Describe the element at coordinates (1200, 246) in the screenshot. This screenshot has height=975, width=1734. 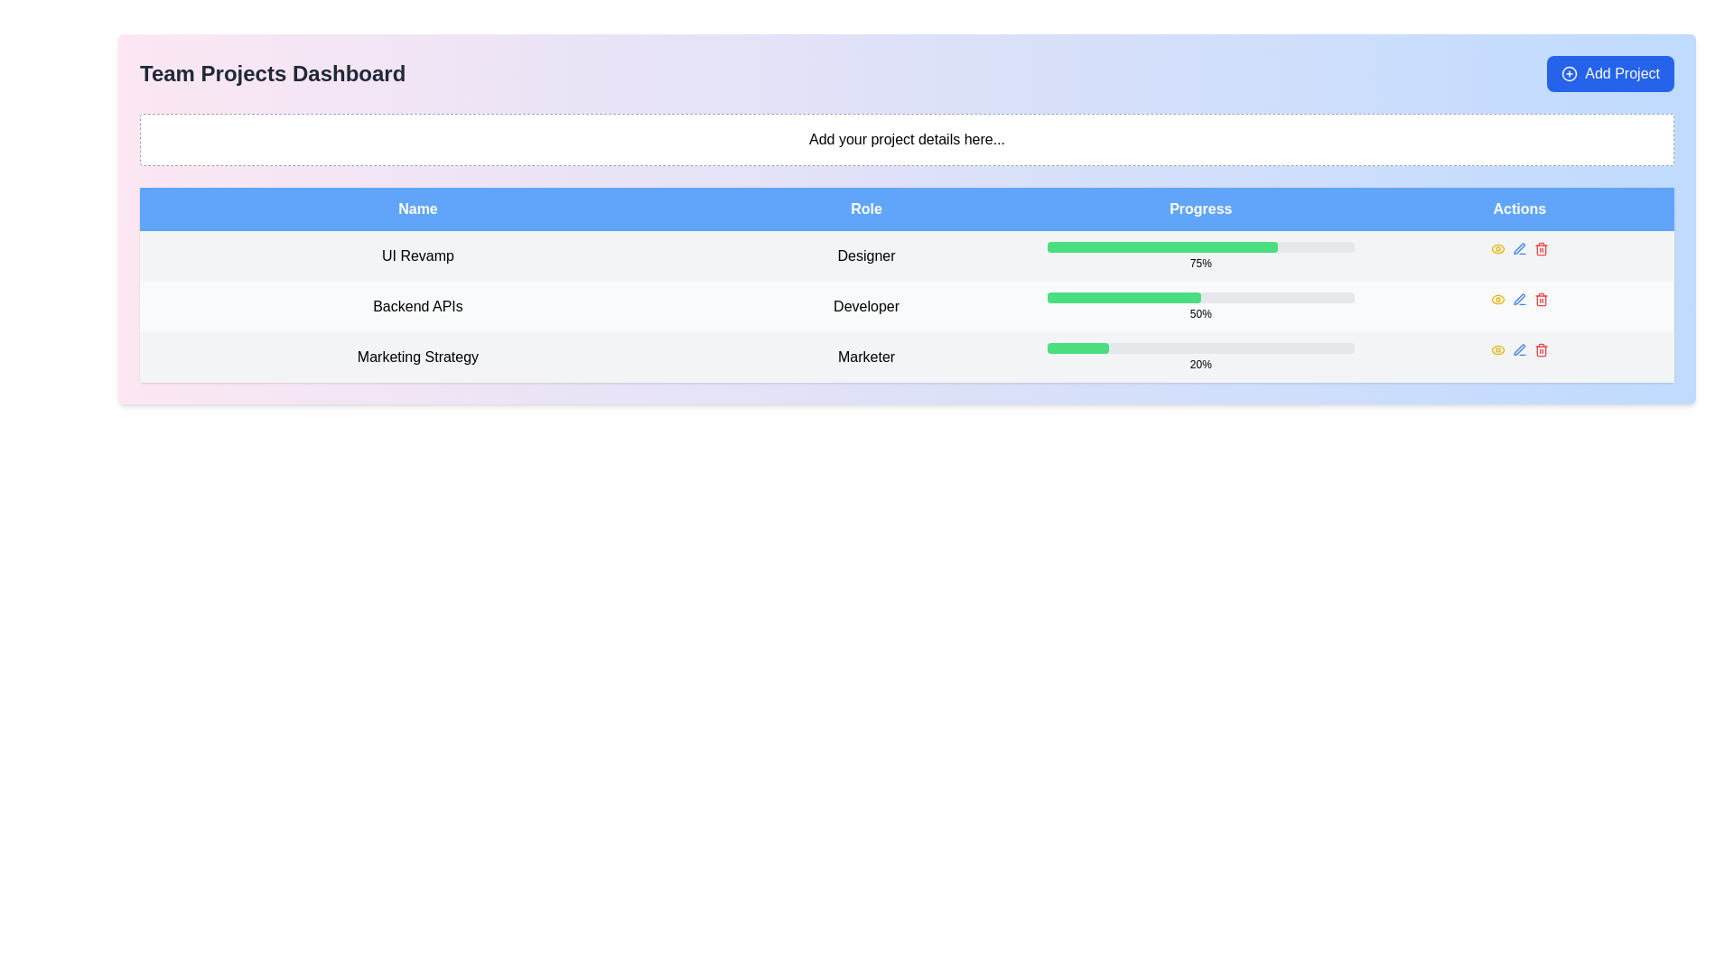
I see `the progress indicated by the progress bar in the 'Progress' column of the table labeled 'Designer', which shows a 75% completion represented by a green-filled portion` at that location.